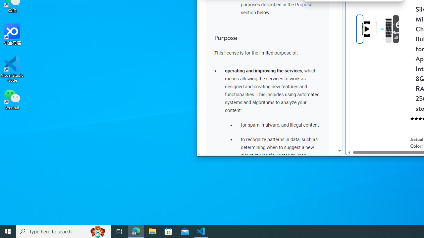  I want to click on 'Visual Studio Code - 1 running window', so click(201, 231).